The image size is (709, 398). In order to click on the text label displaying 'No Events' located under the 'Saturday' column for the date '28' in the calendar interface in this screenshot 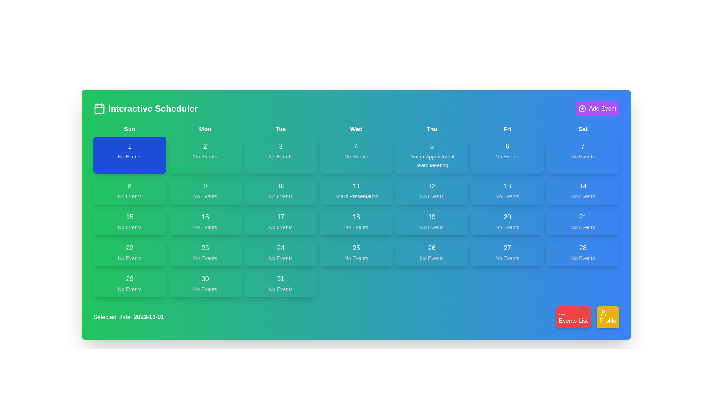, I will do `click(582, 258)`.